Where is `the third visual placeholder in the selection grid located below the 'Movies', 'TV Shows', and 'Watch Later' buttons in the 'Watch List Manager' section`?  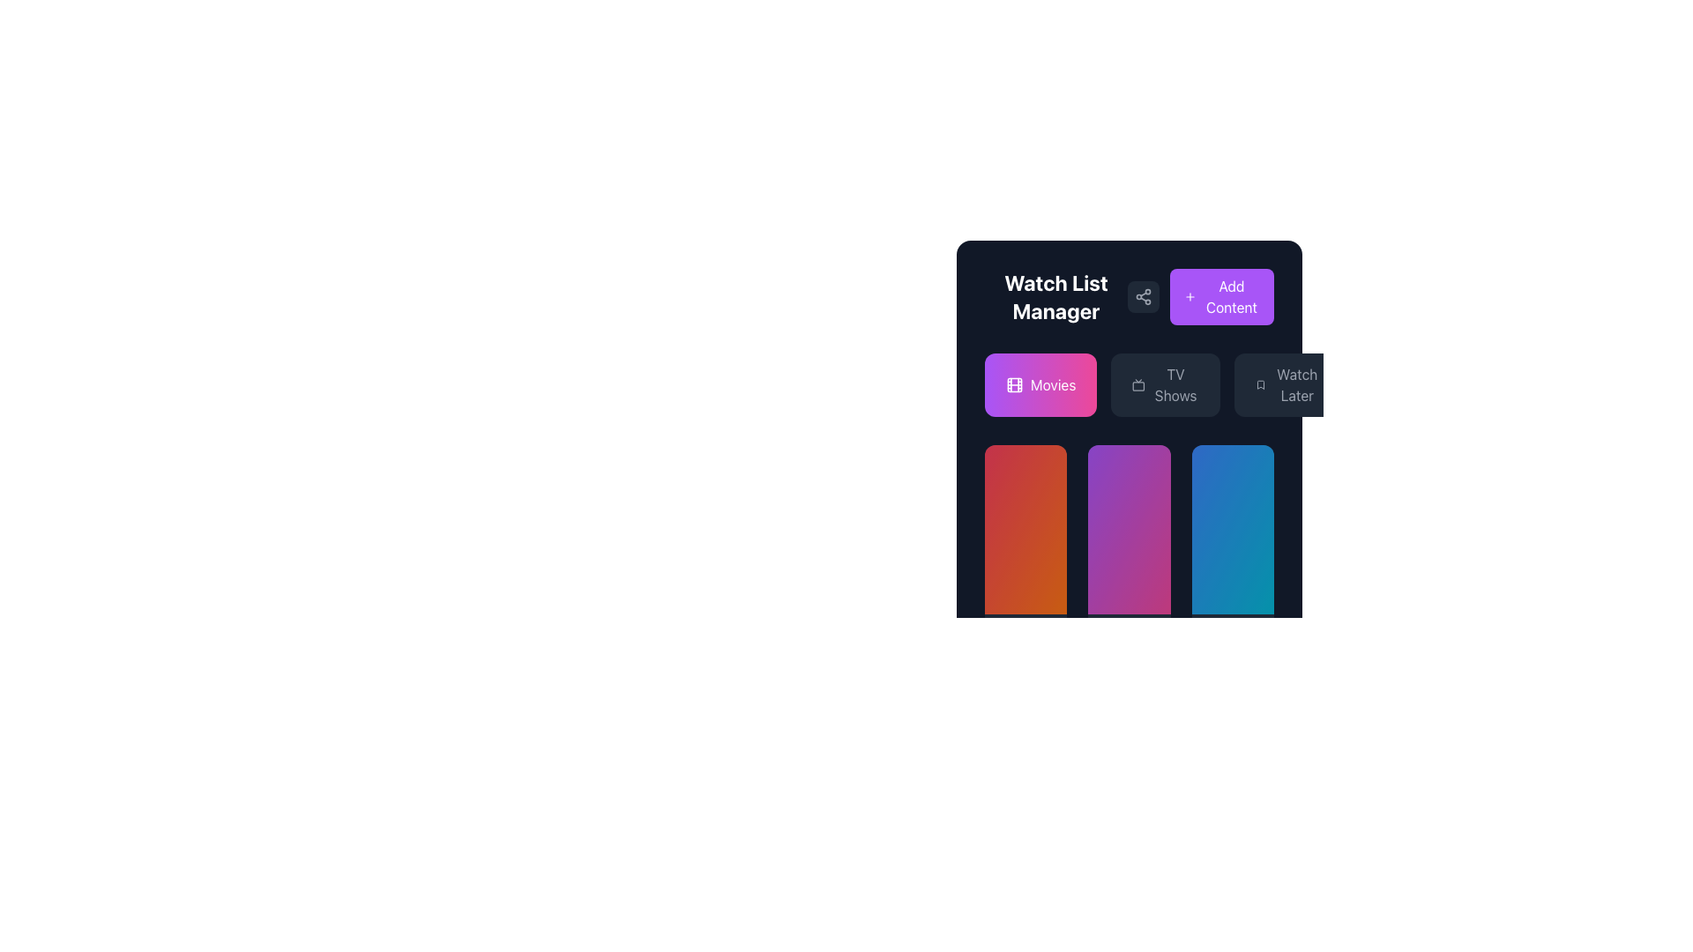 the third visual placeholder in the selection grid located below the 'Movies', 'TV Shows', and 'Watch Later' buttons in the 'Watch List Manager' section is located at coordinates (1232, 529).